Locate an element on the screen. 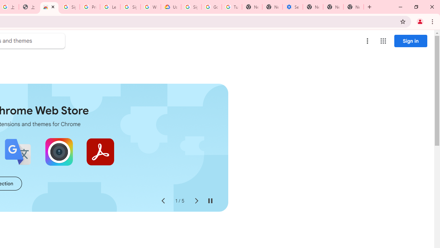 Image resolution: width=440 pixels, height=248 pixels. 'Google Account Help' is located at coordinates (211, 7).